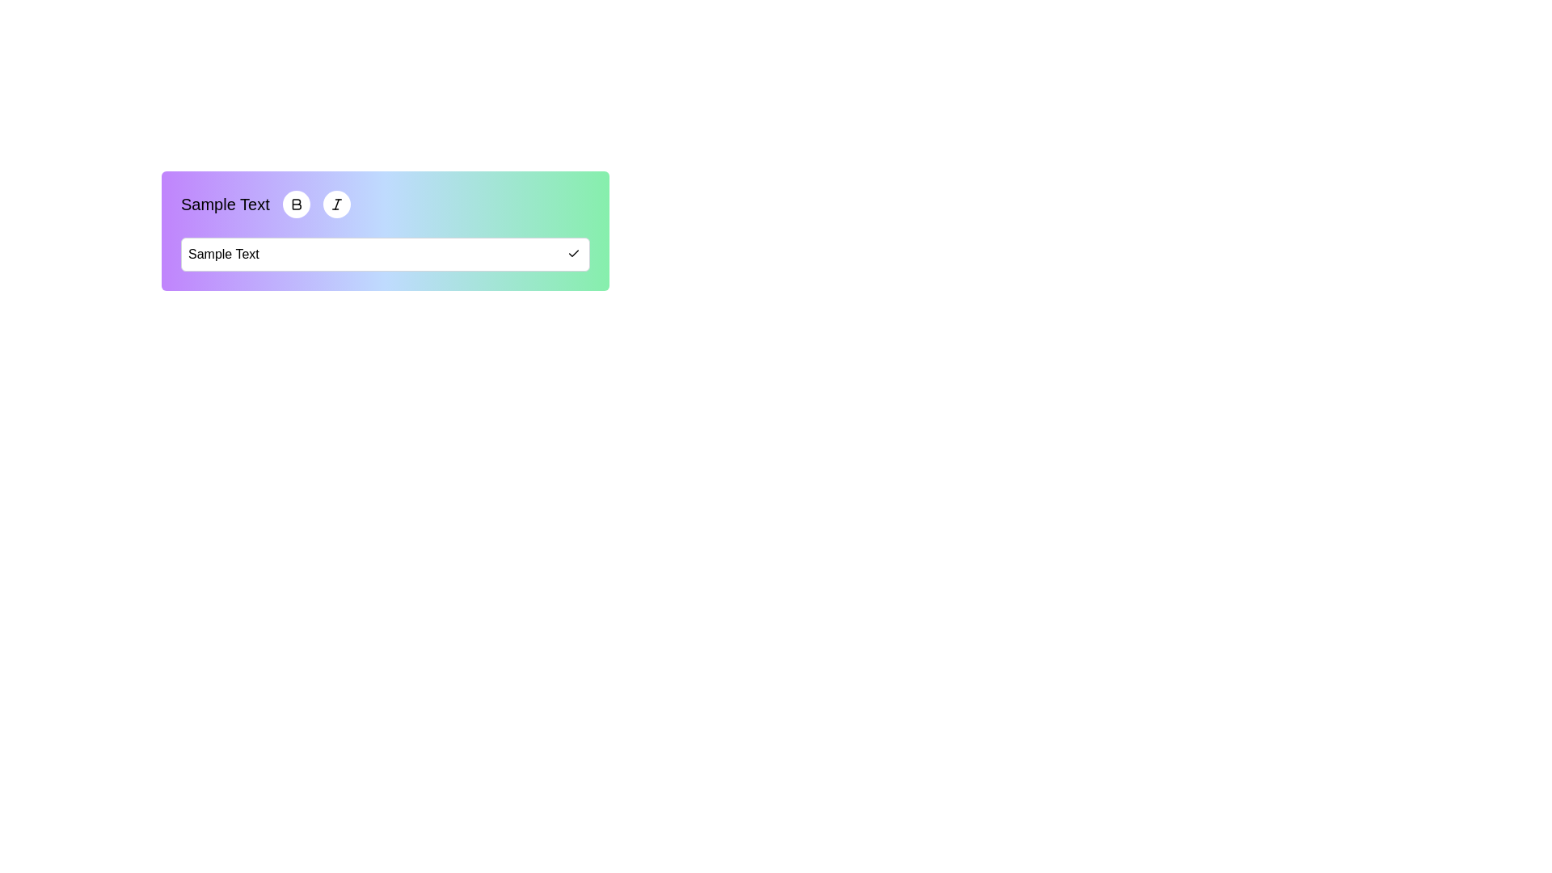 The height and width of the screenshot is (873, 1552). I want to click on the bold formatting icon button, so click(296, 204).